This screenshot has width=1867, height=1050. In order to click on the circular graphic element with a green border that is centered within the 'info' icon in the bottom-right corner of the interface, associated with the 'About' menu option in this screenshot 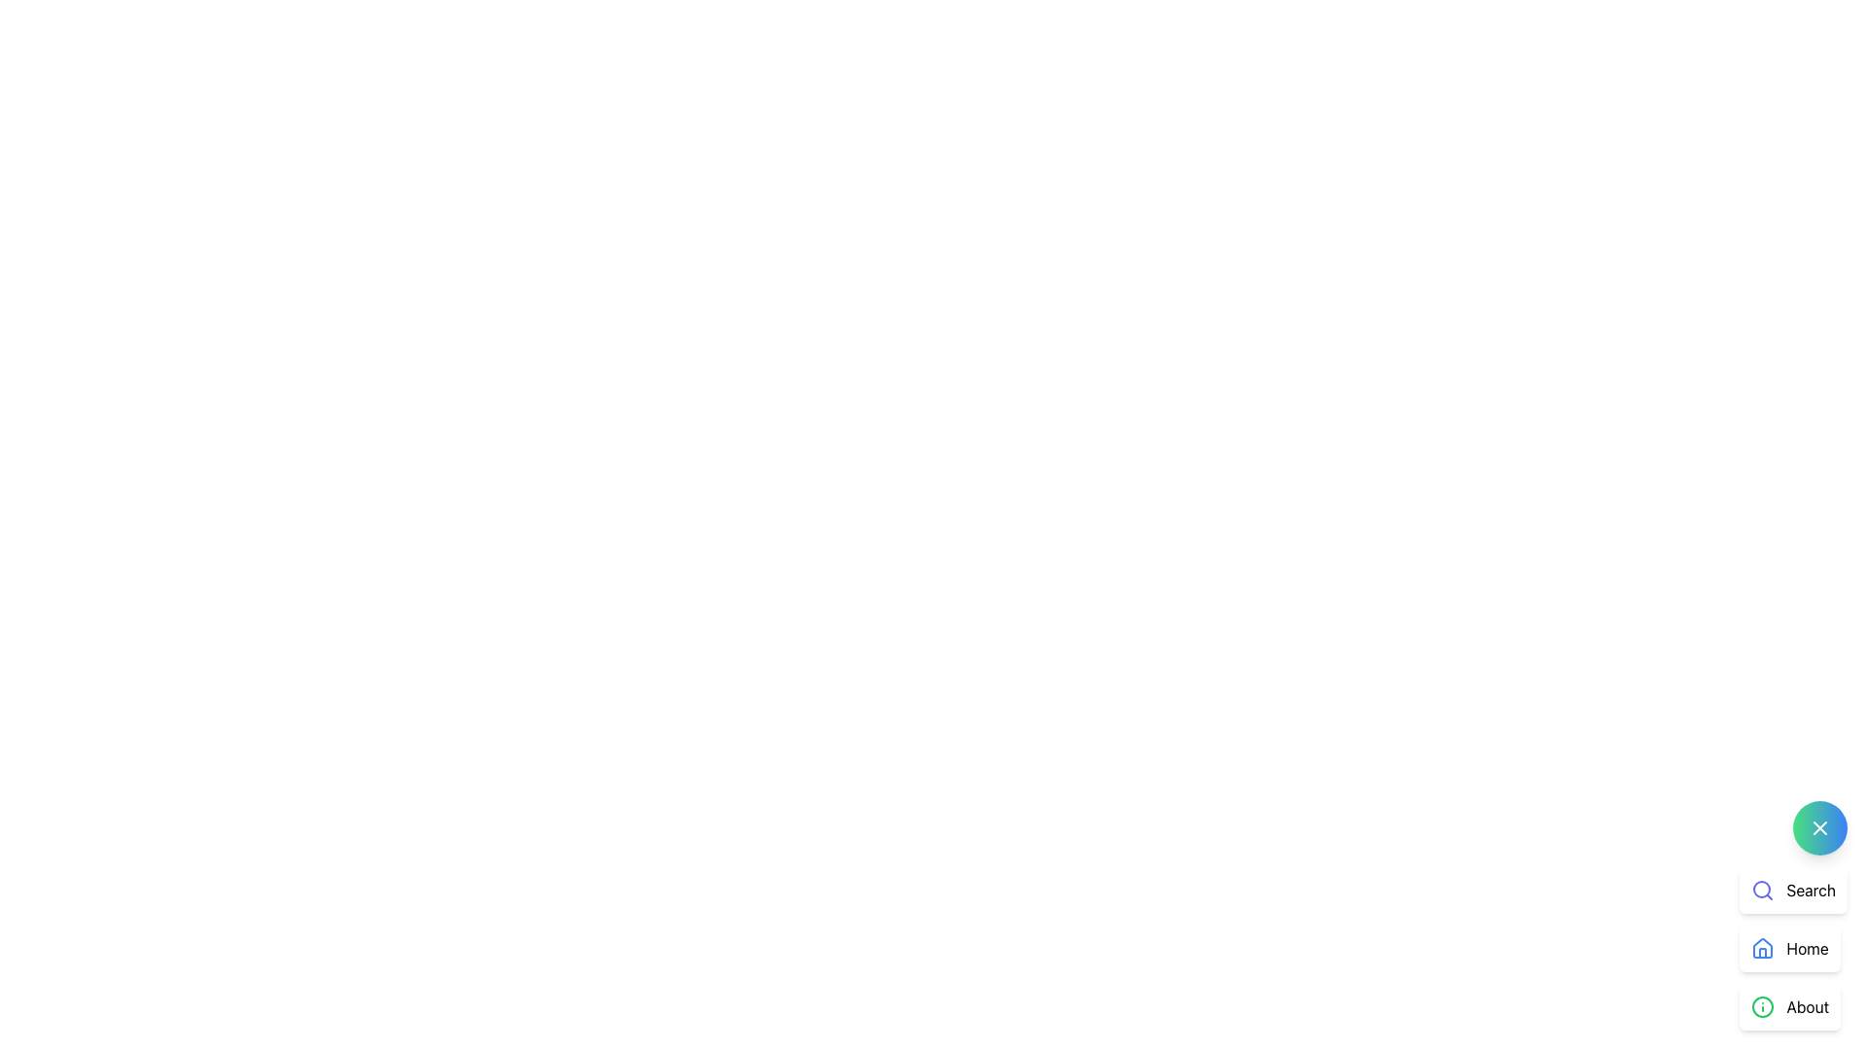, I will do `click(1763, 1006)`.